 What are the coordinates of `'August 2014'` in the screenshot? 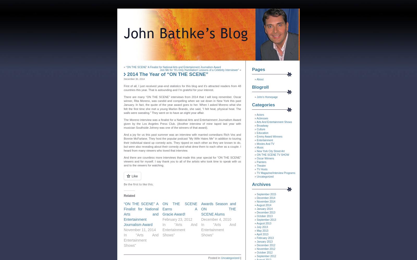 It's located at (256, 205).